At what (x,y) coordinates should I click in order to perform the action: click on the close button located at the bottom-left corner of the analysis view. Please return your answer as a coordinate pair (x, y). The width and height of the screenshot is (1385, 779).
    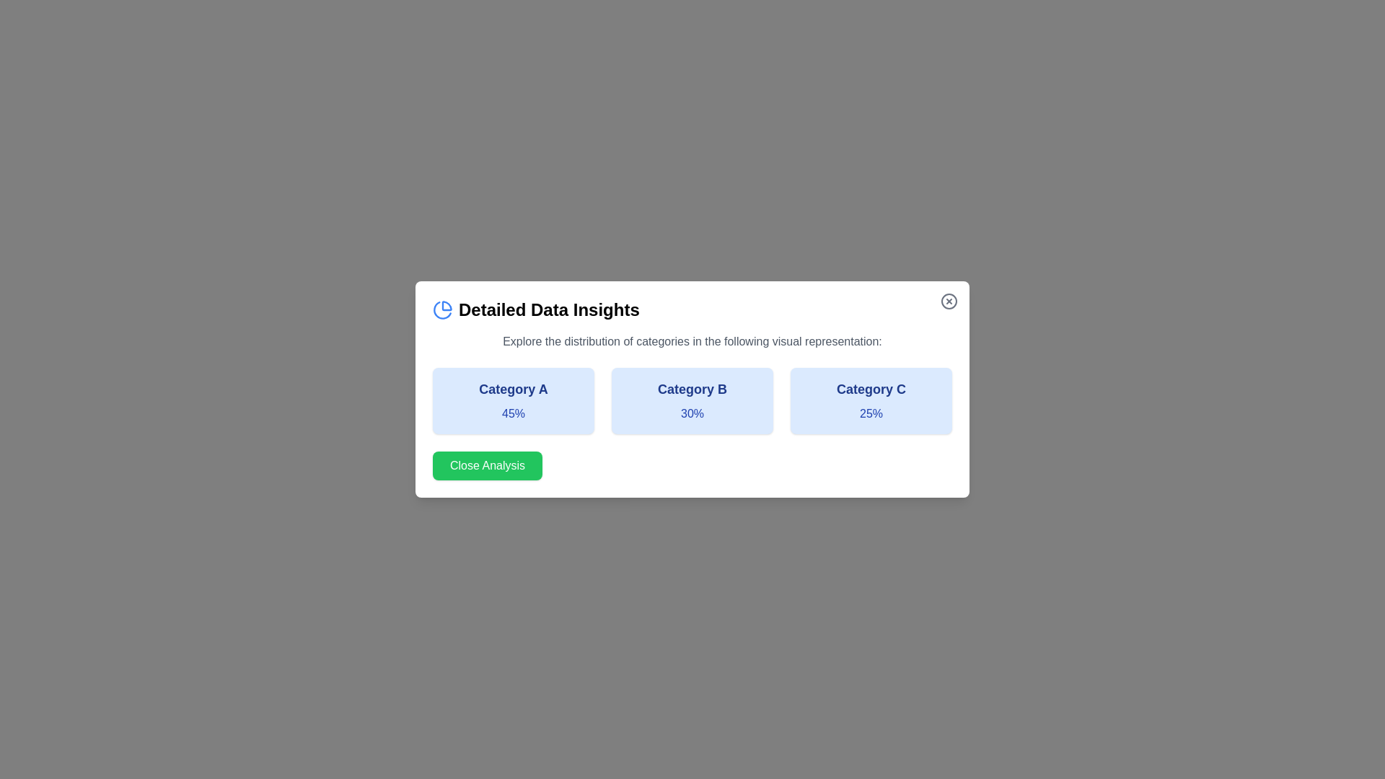
    Looking at the image, I should click on (488, 465).